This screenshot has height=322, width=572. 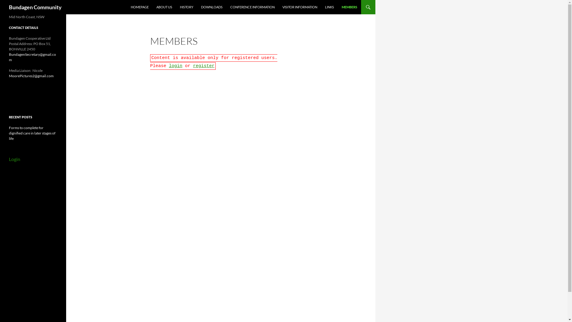 What do you see at coordinates (212, 7) in the screenshot?
I see `'DOWNLOADS'` at bounding box center [212, 7].